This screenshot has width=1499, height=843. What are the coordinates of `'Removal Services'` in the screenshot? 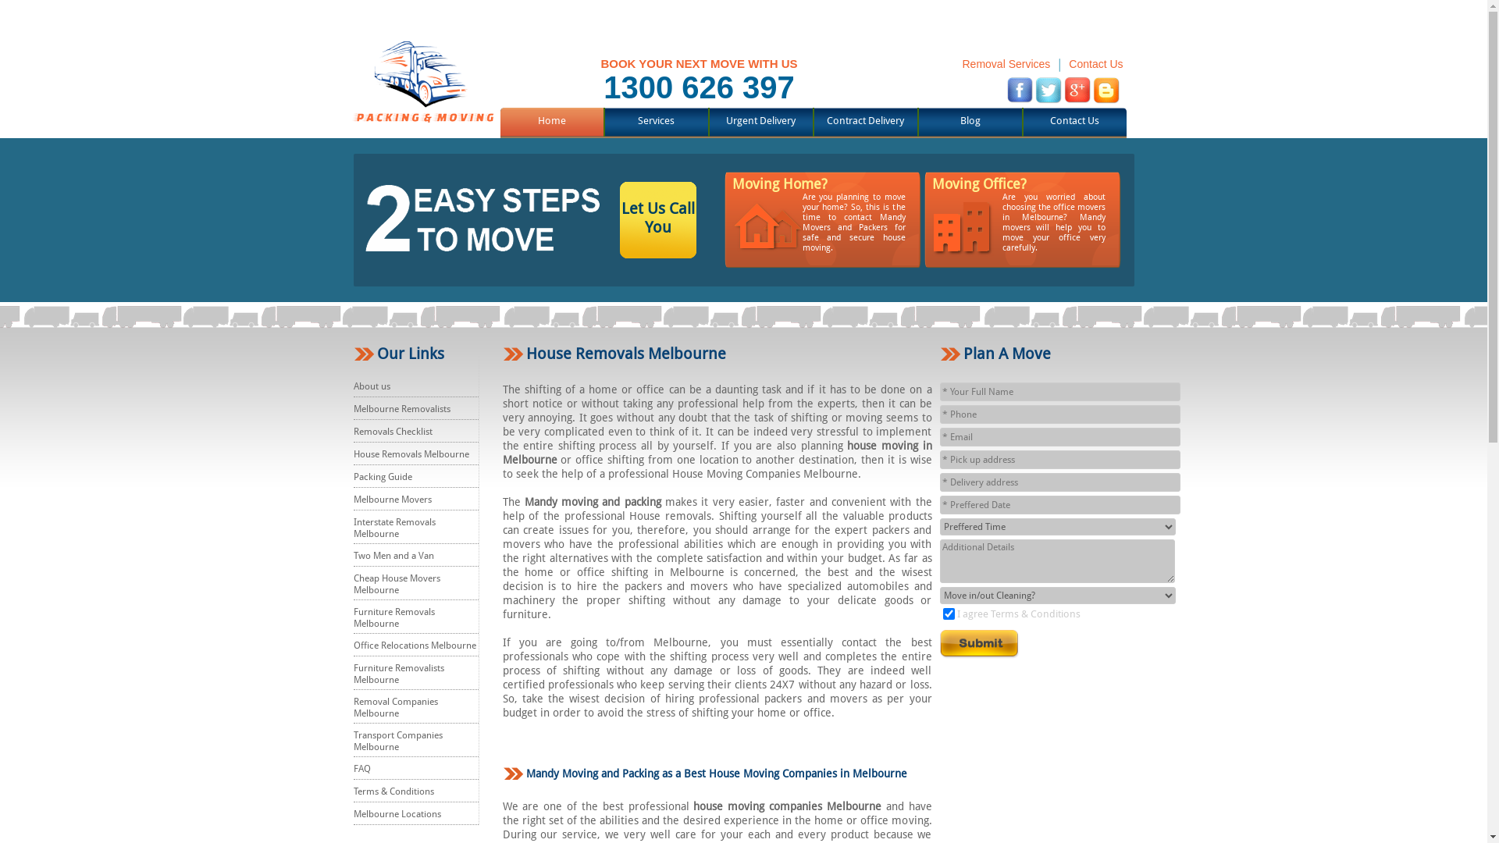 It's located at (961, 62).